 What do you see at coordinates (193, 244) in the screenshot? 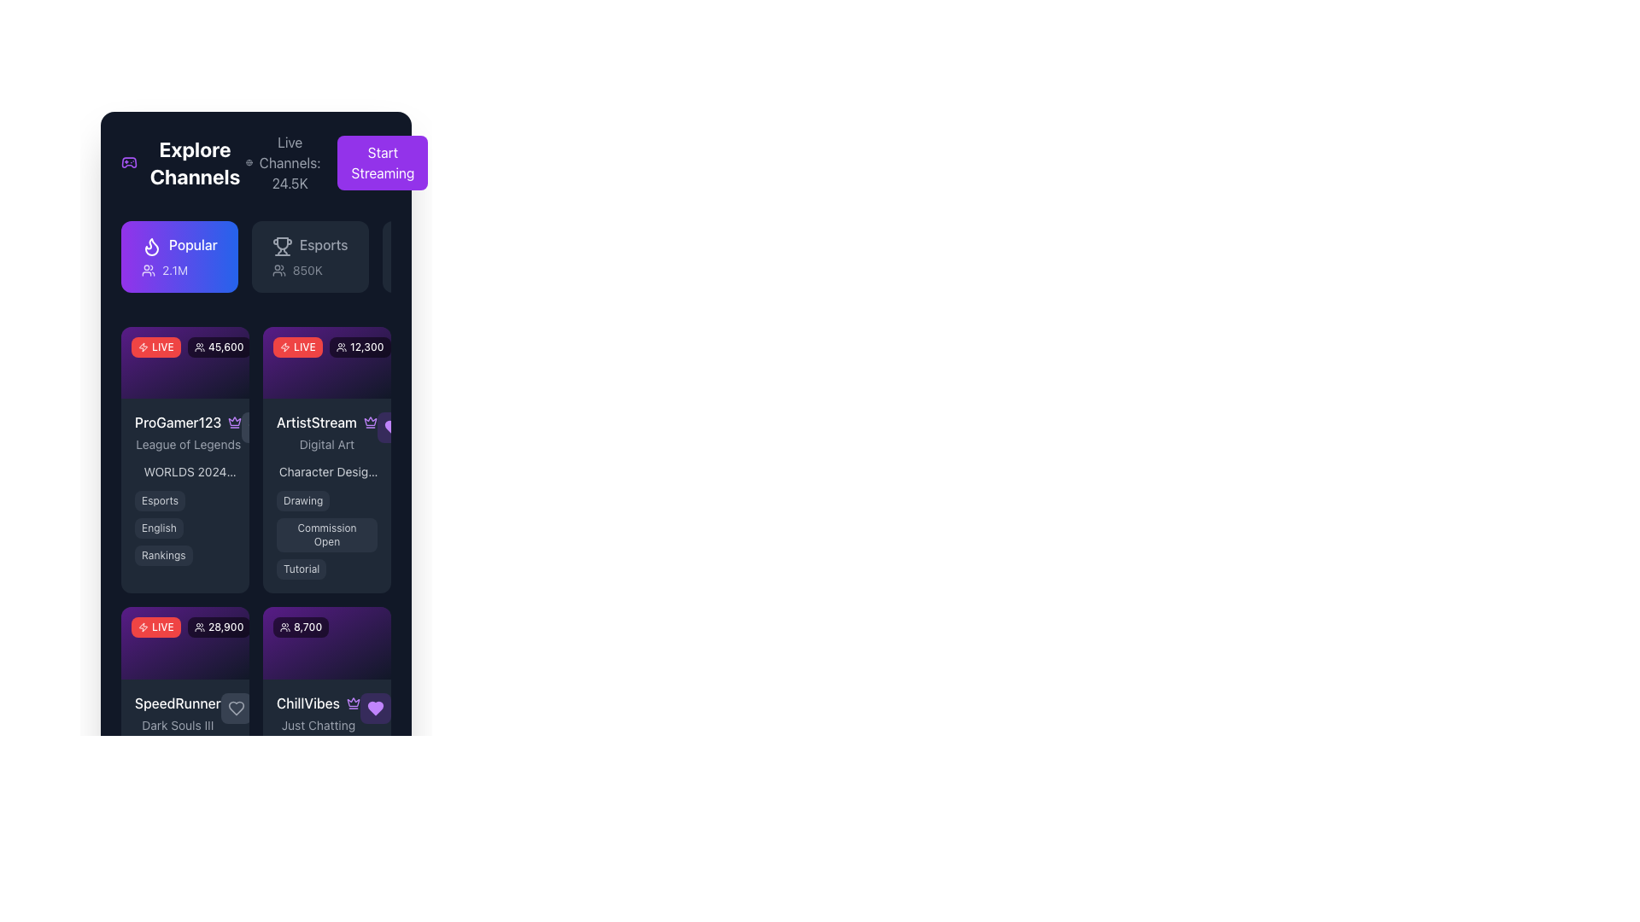
I see `the text label displaying 'Popular' in white over a gradient blue background, located under 'Explore Channels' to the right of a flame icon` at bounding box center [193, 244].